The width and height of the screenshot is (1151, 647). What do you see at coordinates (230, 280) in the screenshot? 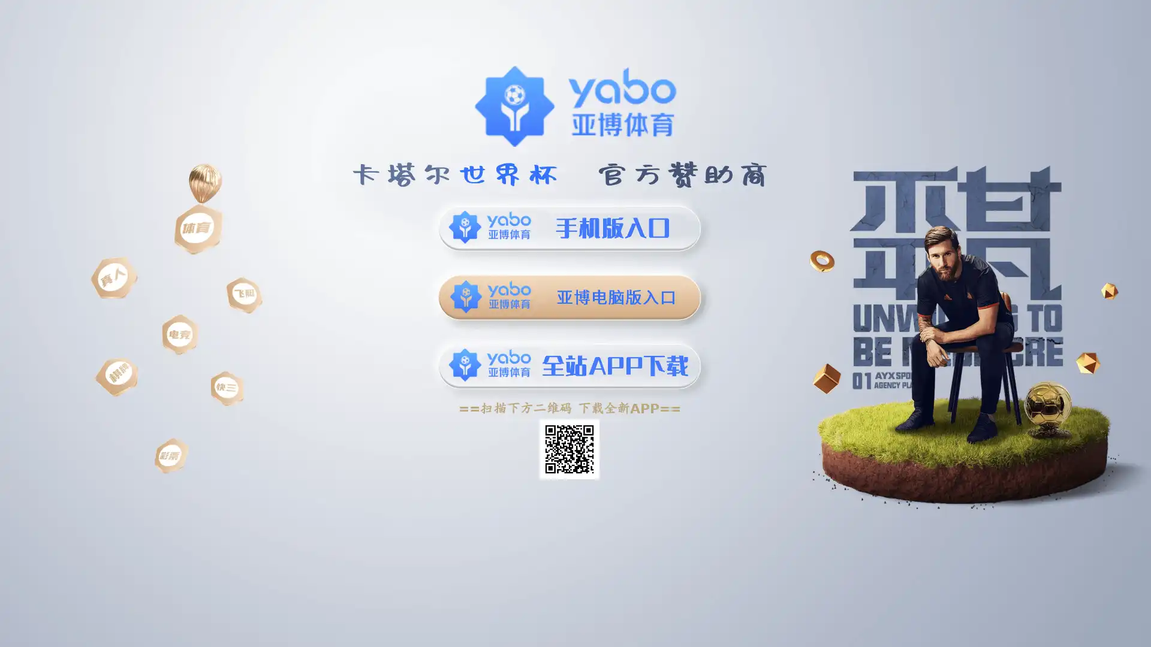
I see `Previous slide` at bounding box center [230, 280].